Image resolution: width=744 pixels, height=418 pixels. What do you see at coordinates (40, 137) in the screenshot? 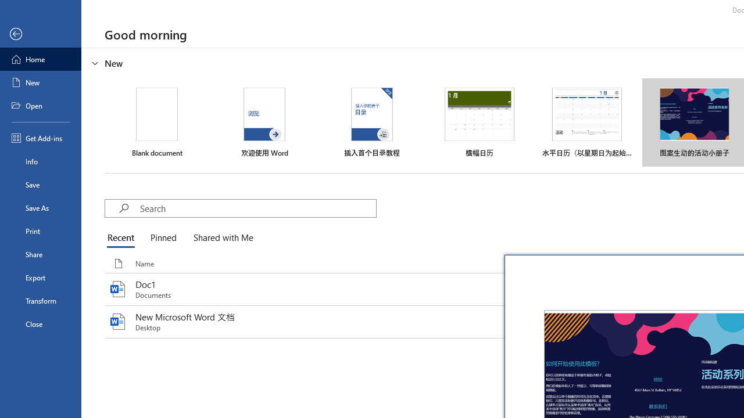
I see `'Get Add-ins'` at bounding box center [40, 137].